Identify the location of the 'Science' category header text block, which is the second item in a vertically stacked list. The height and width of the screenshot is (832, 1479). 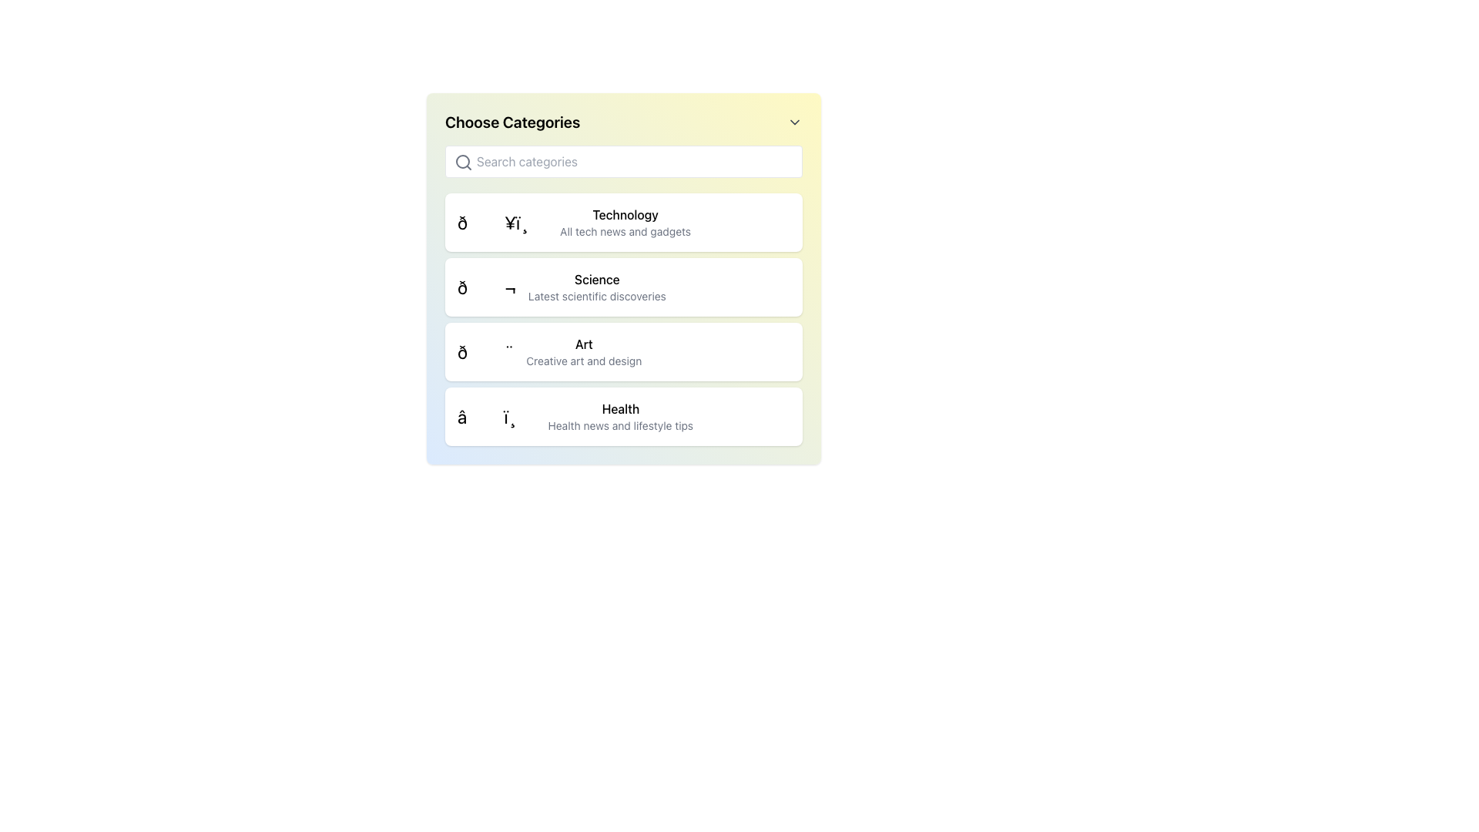
(596, 287).